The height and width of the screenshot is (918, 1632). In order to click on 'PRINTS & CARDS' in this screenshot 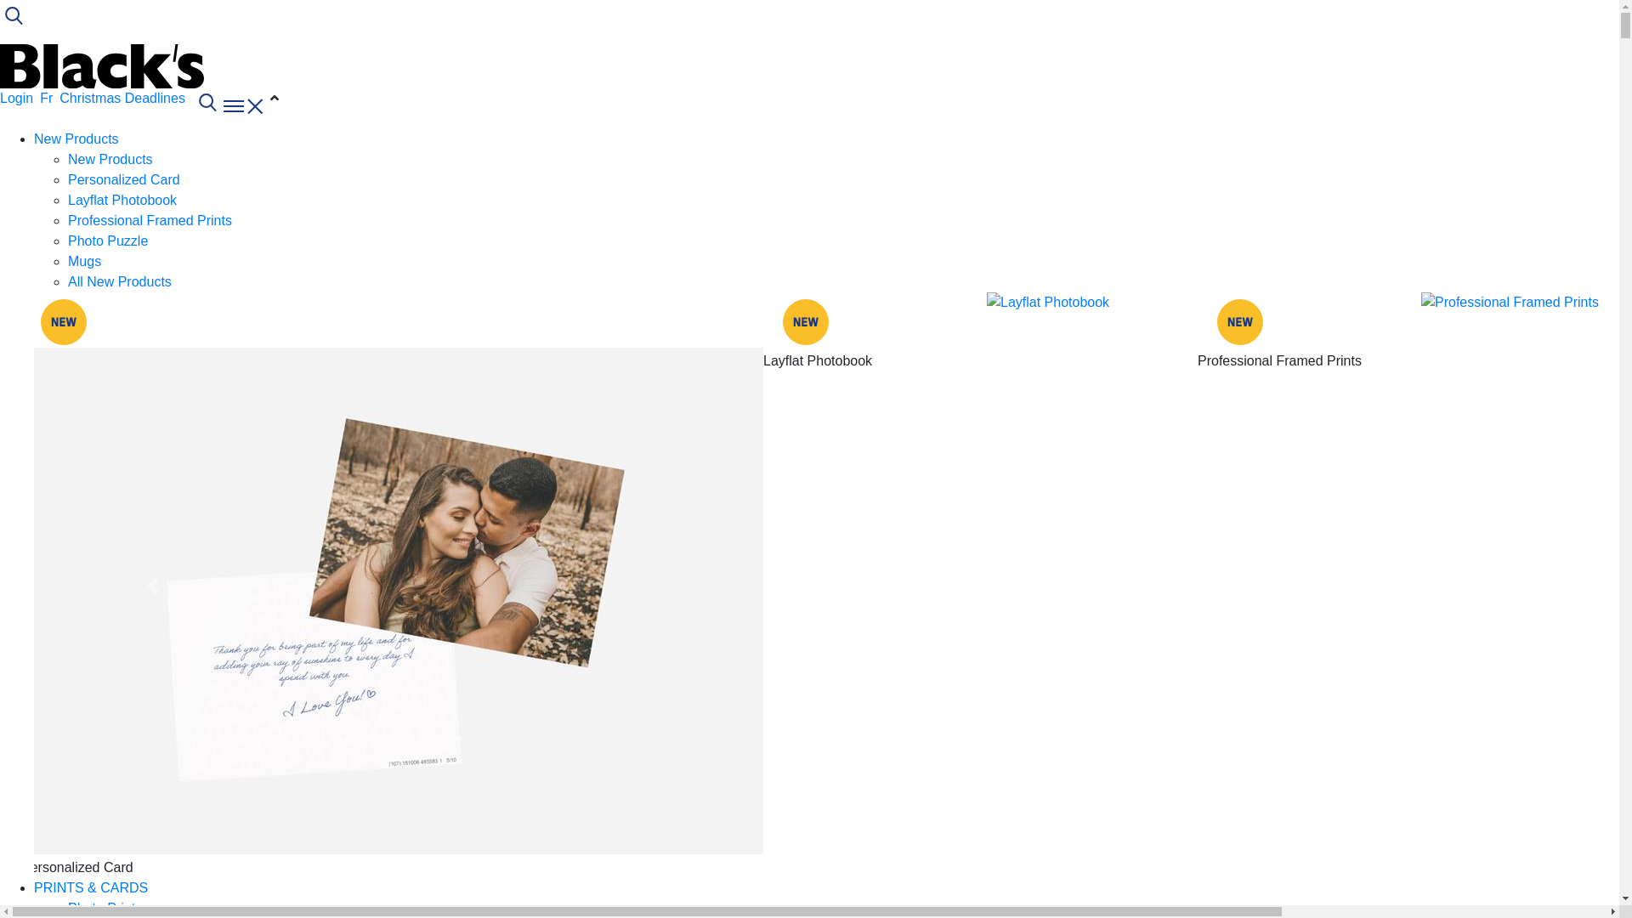, I will do `click(89, 887)`.